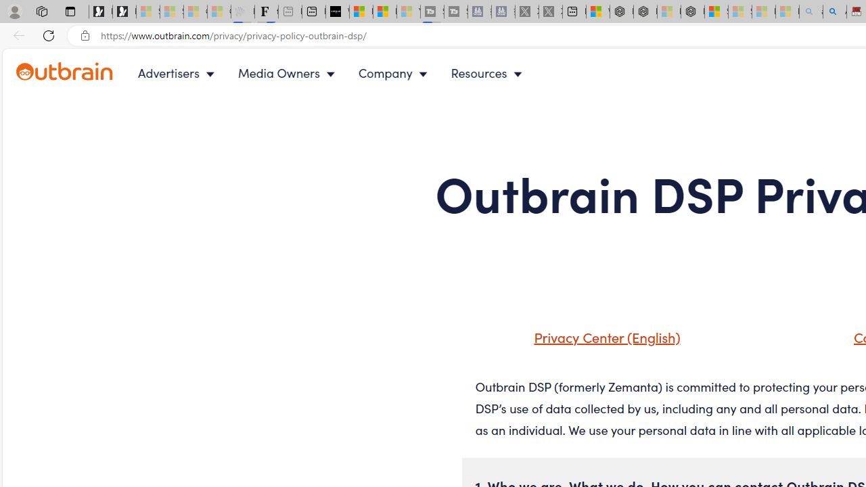  Describe the element at coordinates (41, 55) in the screenshot. I see `'Skip navigation to go to main content'` at that location.